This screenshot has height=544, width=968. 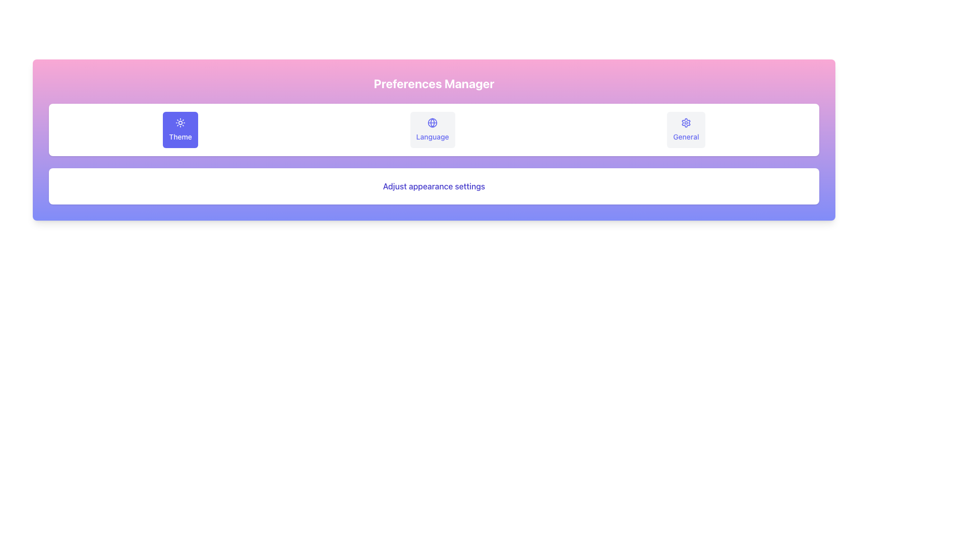 I want to click on the text label that describes the general settings section, located below the settings icon in the third position of a horizontally arranged selection interface, so click(x=686, y=137).